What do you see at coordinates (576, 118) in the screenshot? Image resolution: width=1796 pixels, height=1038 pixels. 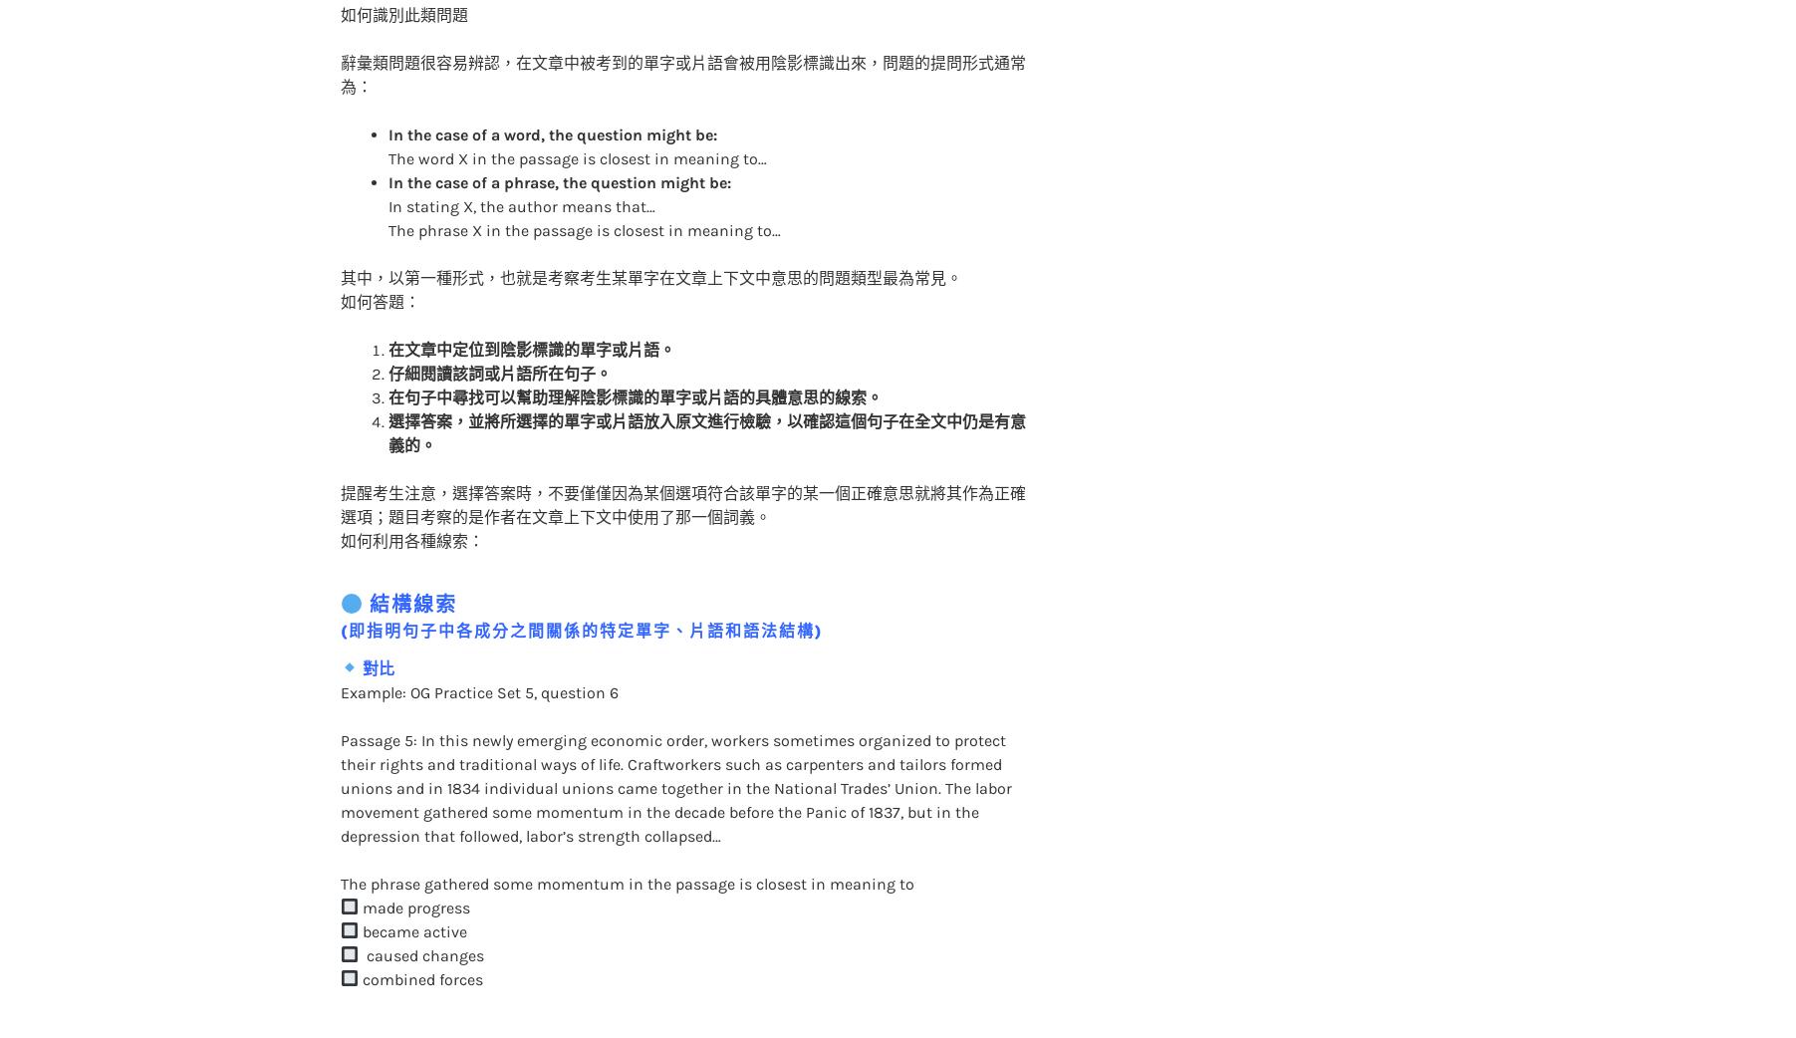 I see `'The word X in the passage is closest in meaning to…'` at bounding box center [576, 118].